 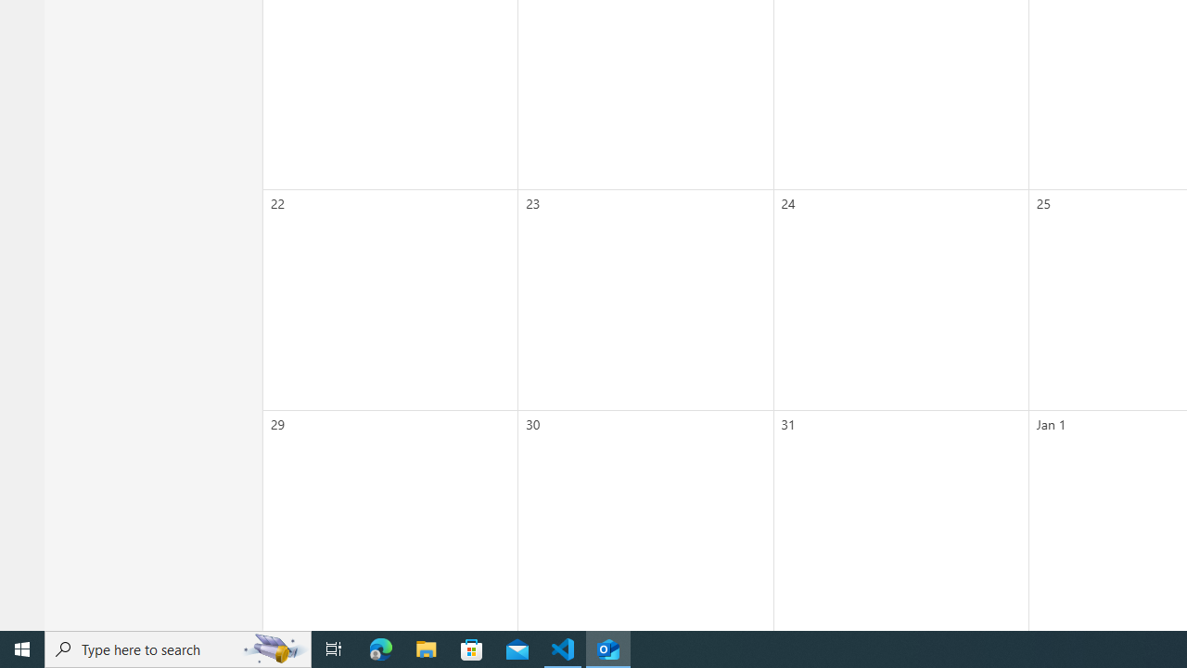 What do you see at coordinates (562, 648) in the screenshot?
I see `'Visual Studio Code - 1 running window'` at bounding box center [562, 648].